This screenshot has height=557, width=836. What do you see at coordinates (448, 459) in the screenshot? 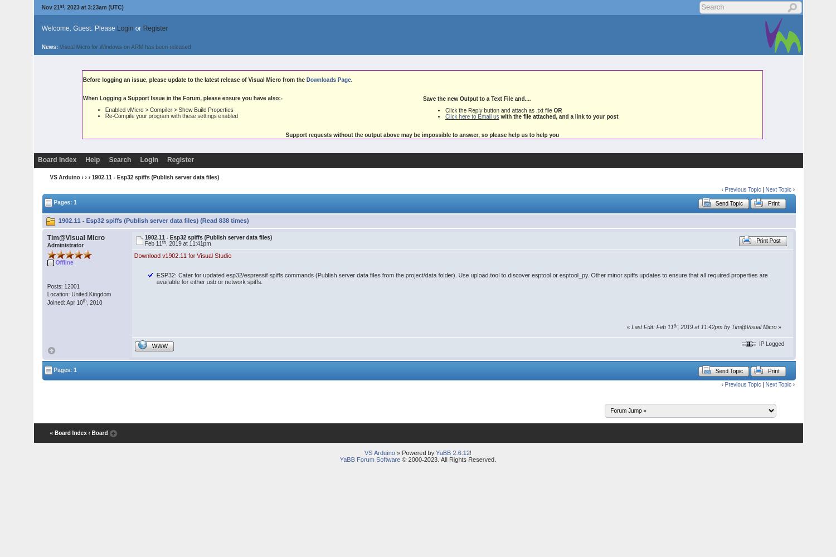
I see `'© 2000-2023. All Rights Reserved.'` at bounding box center [448, 459].